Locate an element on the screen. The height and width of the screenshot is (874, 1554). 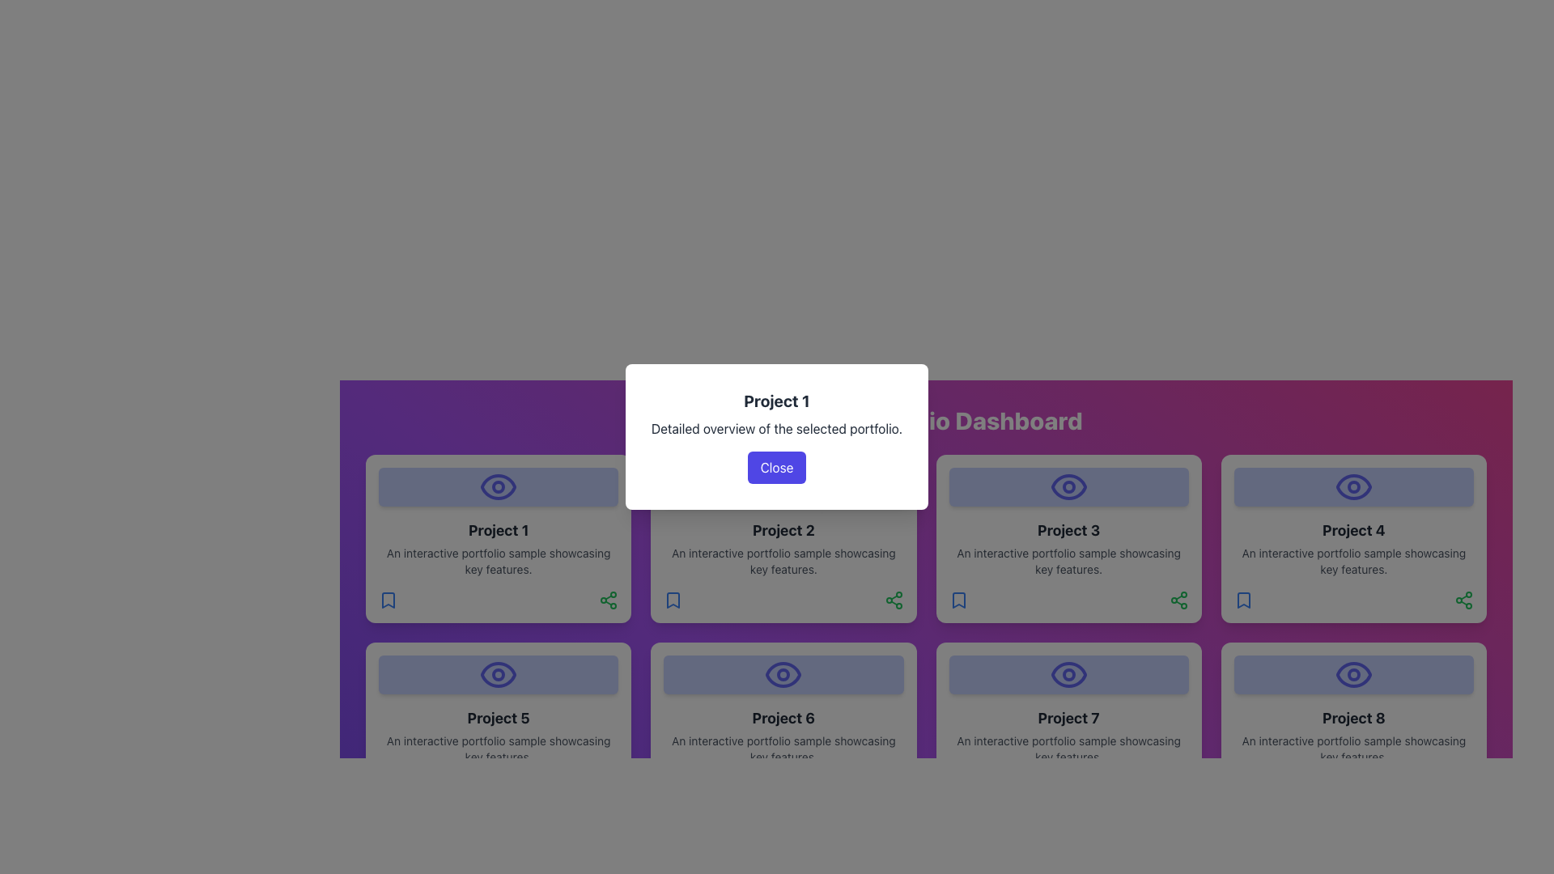
the visibility icon located in the second row, second column of the grid for 'Project 6', which is centered in a light blue rectangular header area is located at coordinates (783, 674).